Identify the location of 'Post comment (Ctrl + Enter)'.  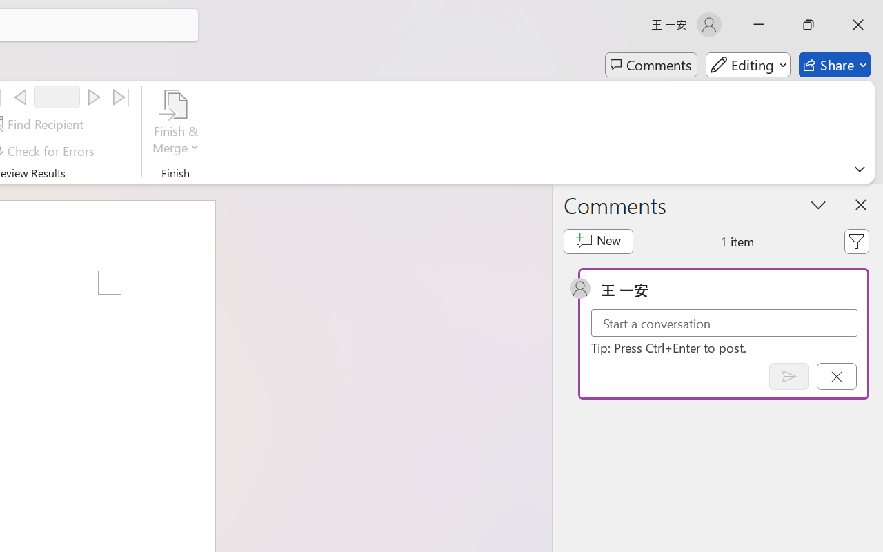
(788, 376).